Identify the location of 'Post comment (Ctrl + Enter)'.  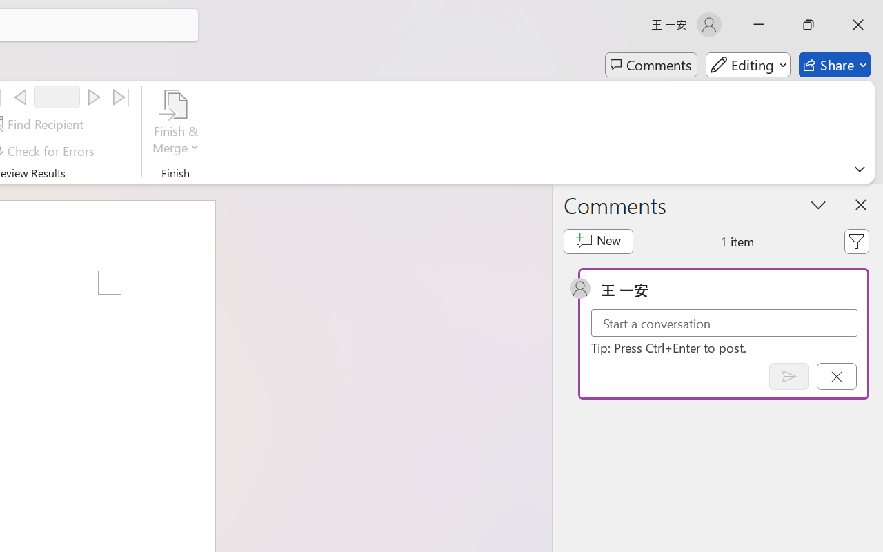
(788, 376).